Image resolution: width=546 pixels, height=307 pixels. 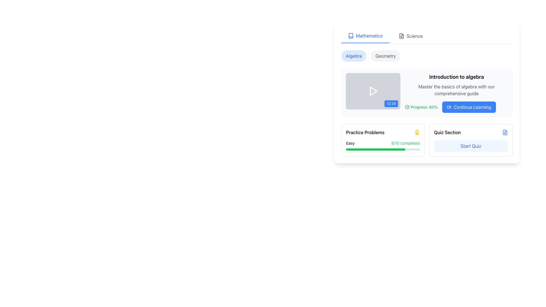 I want to click on the small book icon located on the top navigation bar, so click(x=350, y=36).